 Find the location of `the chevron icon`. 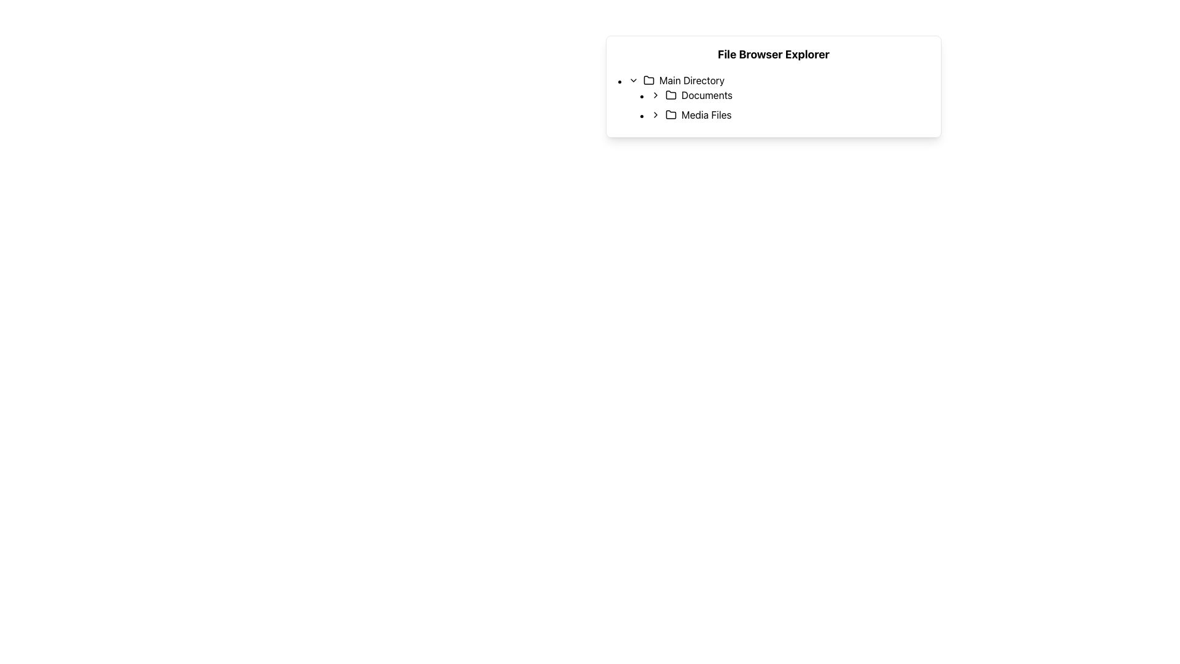

the chevron icon is located at coordinates (655, 94).